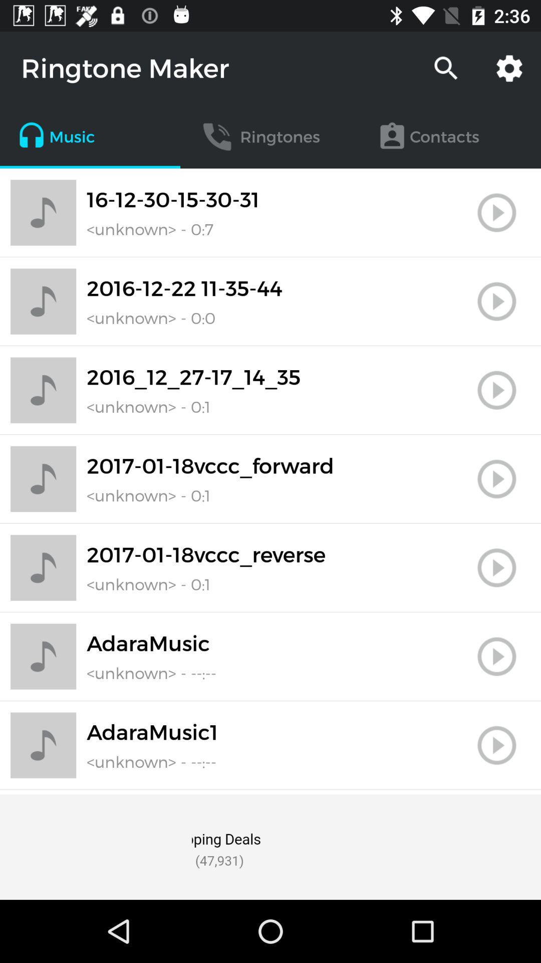 The height and width of the screenshot is (963, 541). I want to click on ringtone, so click(496, 745).